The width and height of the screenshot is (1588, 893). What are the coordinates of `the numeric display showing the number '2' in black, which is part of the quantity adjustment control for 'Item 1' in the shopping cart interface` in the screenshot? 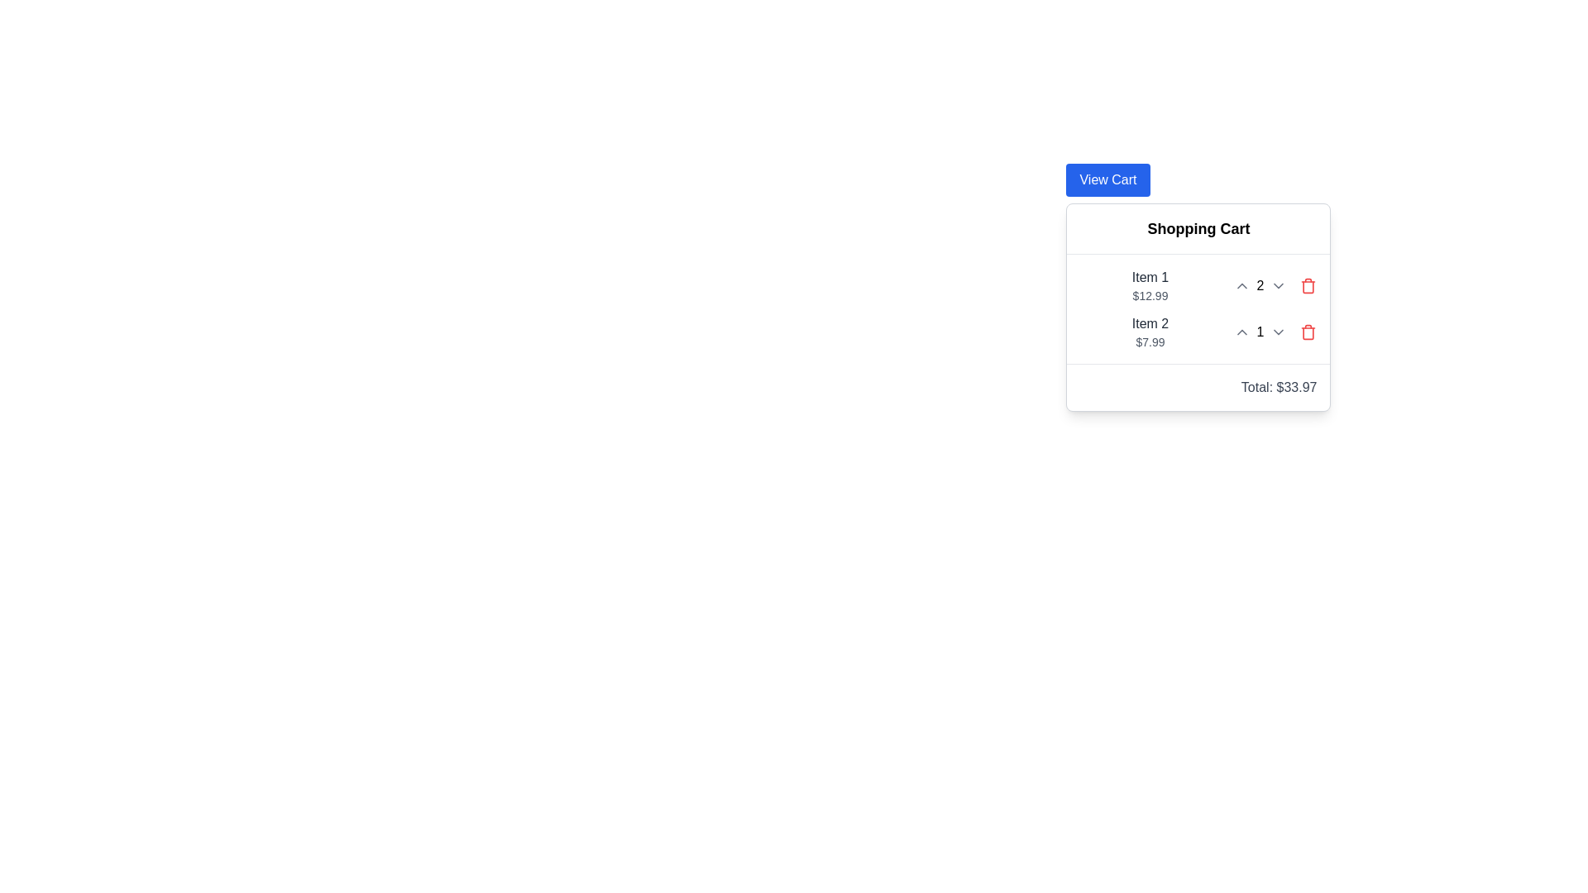 It's located at (1260, 285).